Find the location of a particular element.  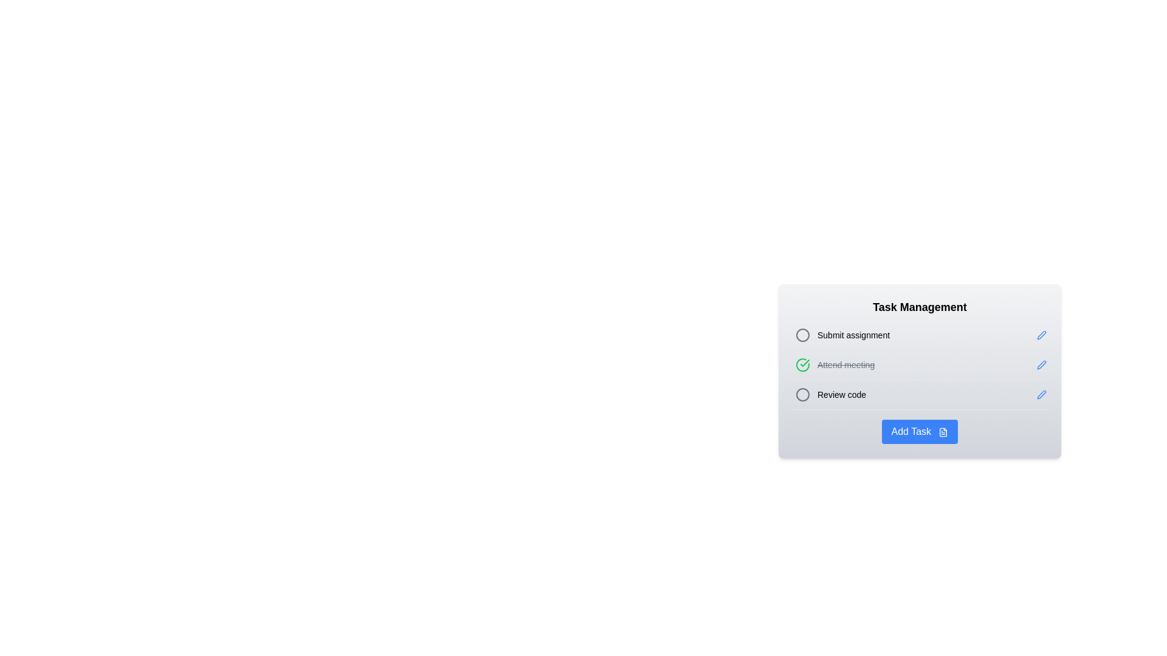

the 'Add Task' button, which is a blue rectangular button with rounded corners located at the bottom of the 'Task Management' panel is located at coordinates (920, 431).